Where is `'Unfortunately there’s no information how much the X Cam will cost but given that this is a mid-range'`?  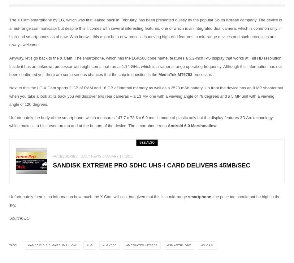 'Unfortunately there’s no information how much the X Cam will cost but given that this is a mid-range' is located at coordinates (9, 197).